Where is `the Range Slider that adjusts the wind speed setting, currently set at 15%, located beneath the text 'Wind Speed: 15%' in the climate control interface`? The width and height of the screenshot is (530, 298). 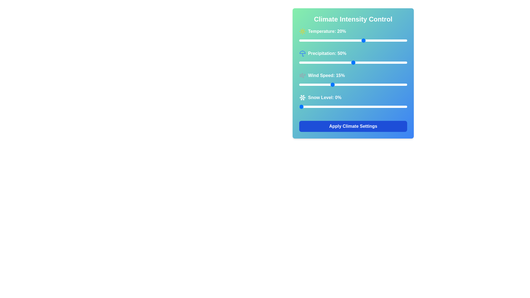 the Range Slider that adjusts the wind speed setting, currently set at 15%, located beneath the text 'Wind Speed: 15%' in the climate control interface is located at coordinates (353, 85).